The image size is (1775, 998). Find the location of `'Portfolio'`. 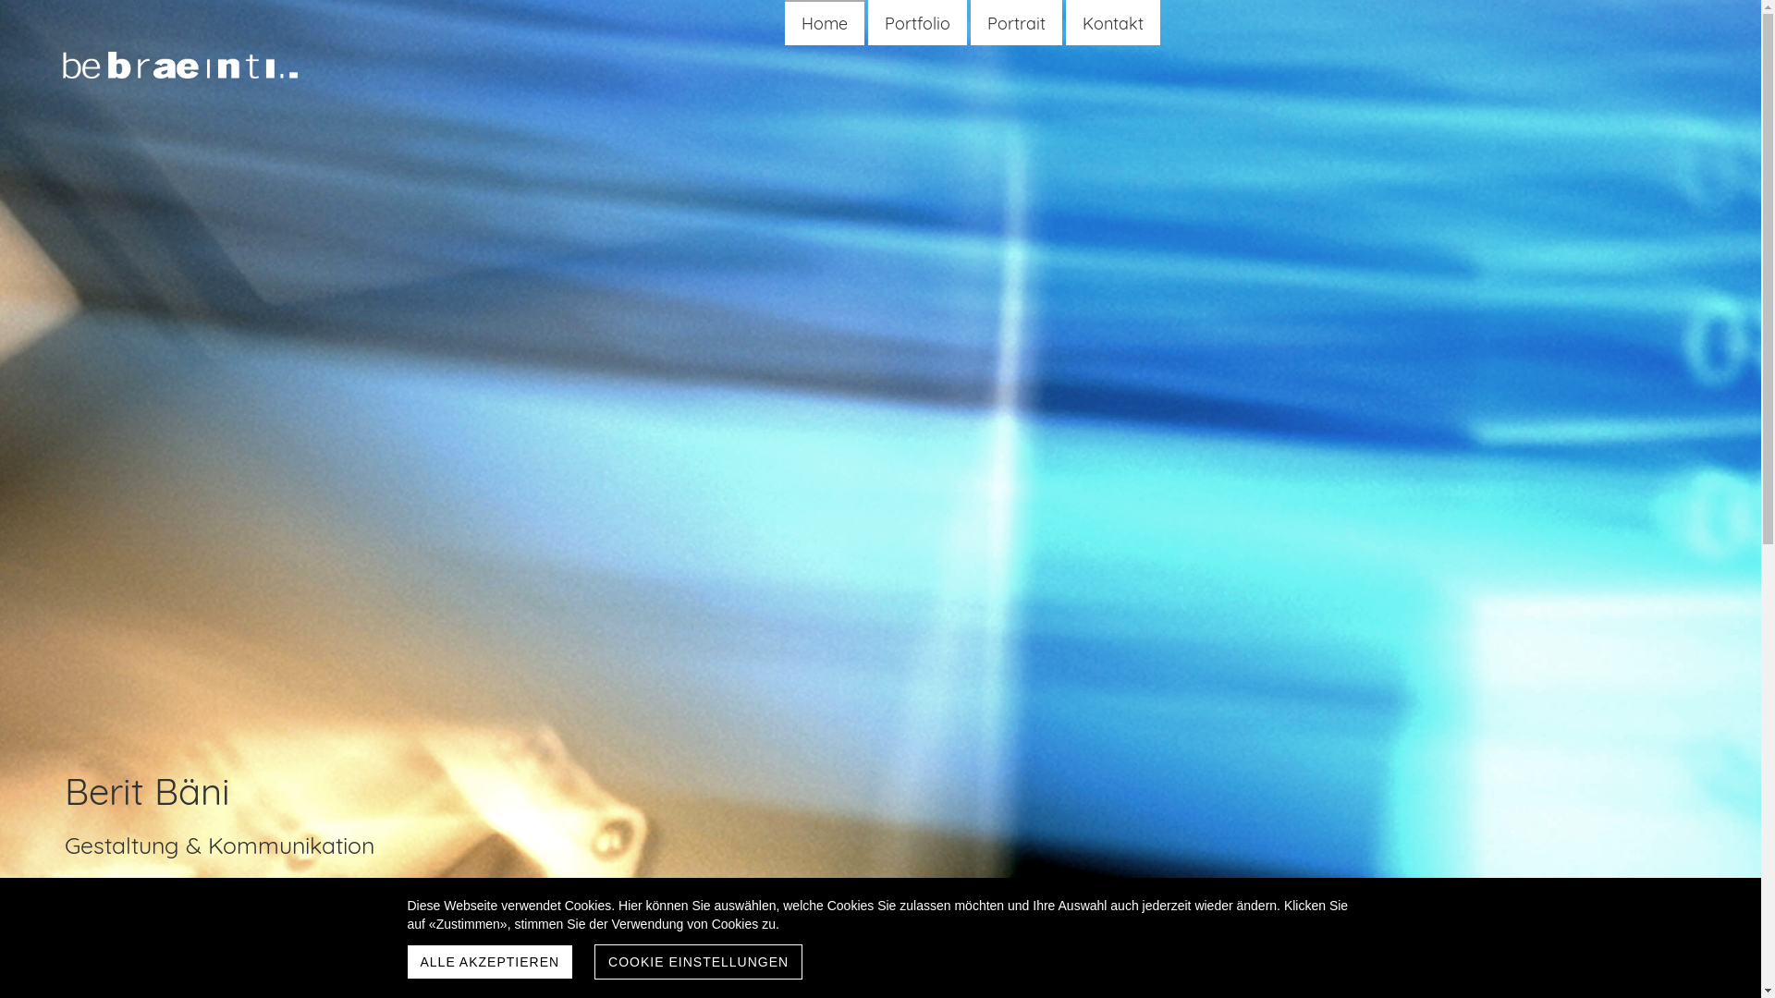

'Portfolio' is located at coordinates (917, 23).